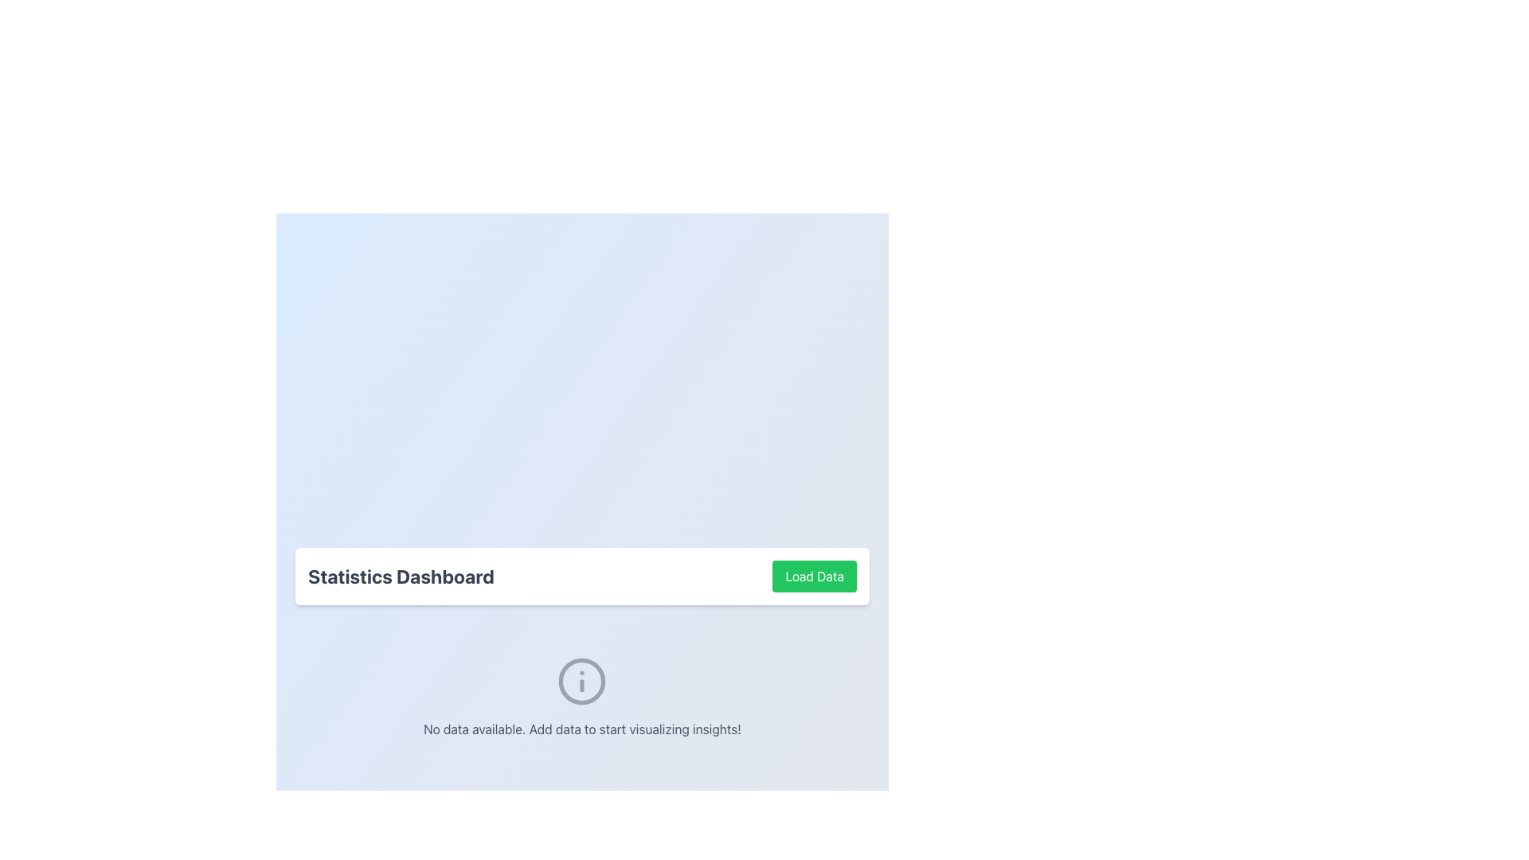 Image resolution: width=1529 pixels, height=860 pixels. Describe the element at coordinates (581, 696) in the screenshot. I see `the circular 'info' icon above the text 'No data available. Add data to start visualizing insights!' in the informational message section` at that location.